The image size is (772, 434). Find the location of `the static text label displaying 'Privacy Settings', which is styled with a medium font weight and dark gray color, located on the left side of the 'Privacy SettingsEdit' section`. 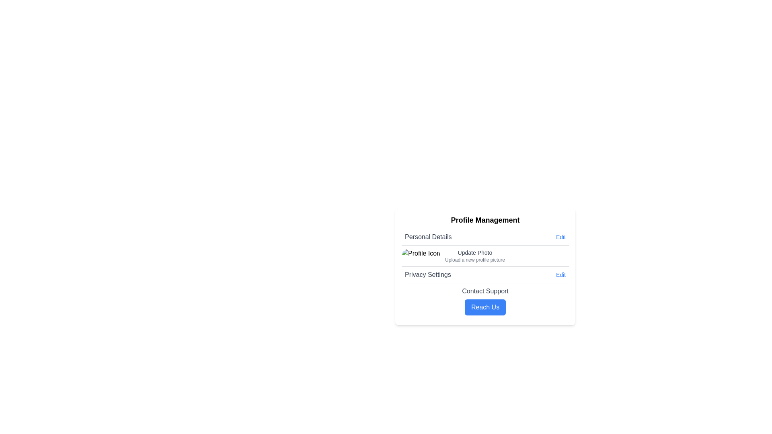

the static text label displaying 'Privacy Settings', which is styled with a medium font weight and dark gray color, located on the left side of the 'Privacy SettingsEdit' section is located at coordinates (427, 274).